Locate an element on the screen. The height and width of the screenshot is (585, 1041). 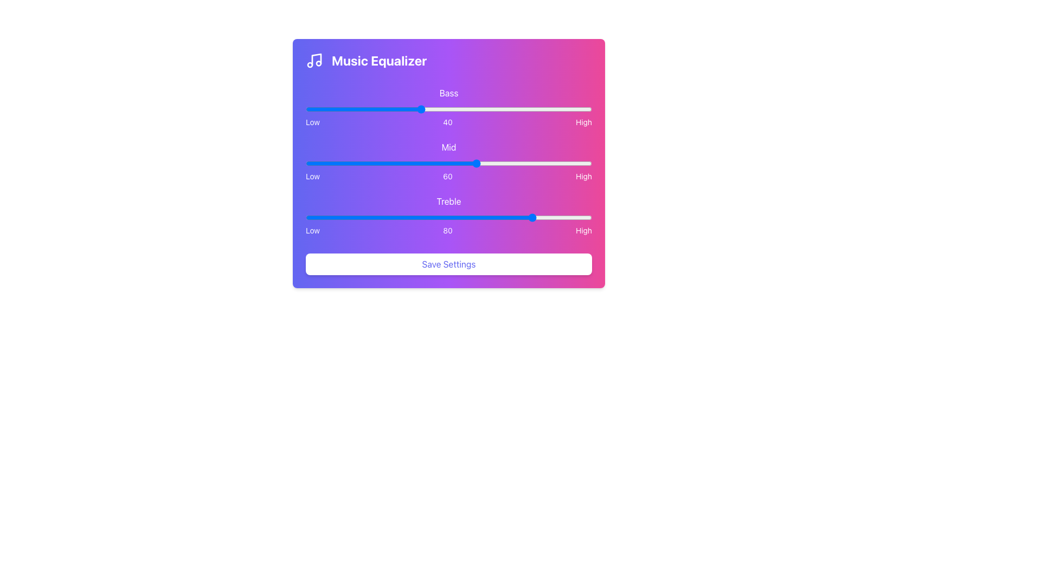
the Static Text Label indicating the 'Treble' setting of the equalizer, located between the 'Mid' slider and 'Low80High' labels is located at coordinates (449, 201).